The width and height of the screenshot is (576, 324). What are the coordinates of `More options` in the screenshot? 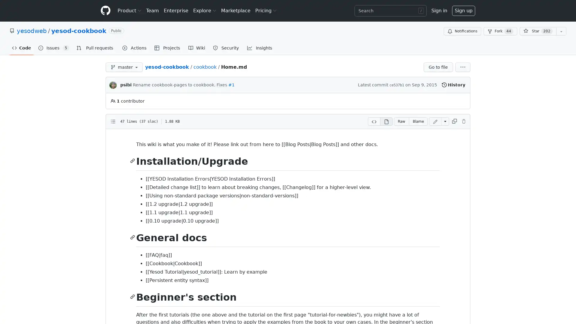 It's located at (462, 67).